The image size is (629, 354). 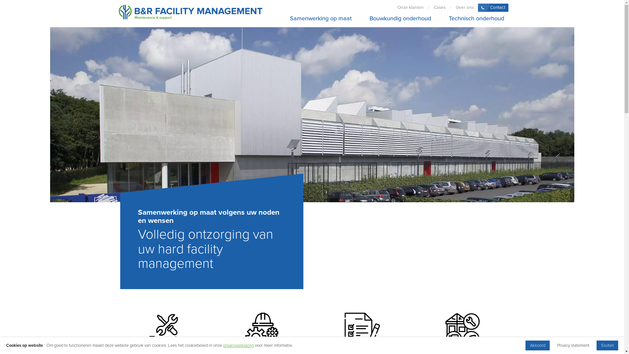 What do you see at coordinates (493, 8) in the screenshot?
I see `'Contact'` at bounding box center [493, 8].